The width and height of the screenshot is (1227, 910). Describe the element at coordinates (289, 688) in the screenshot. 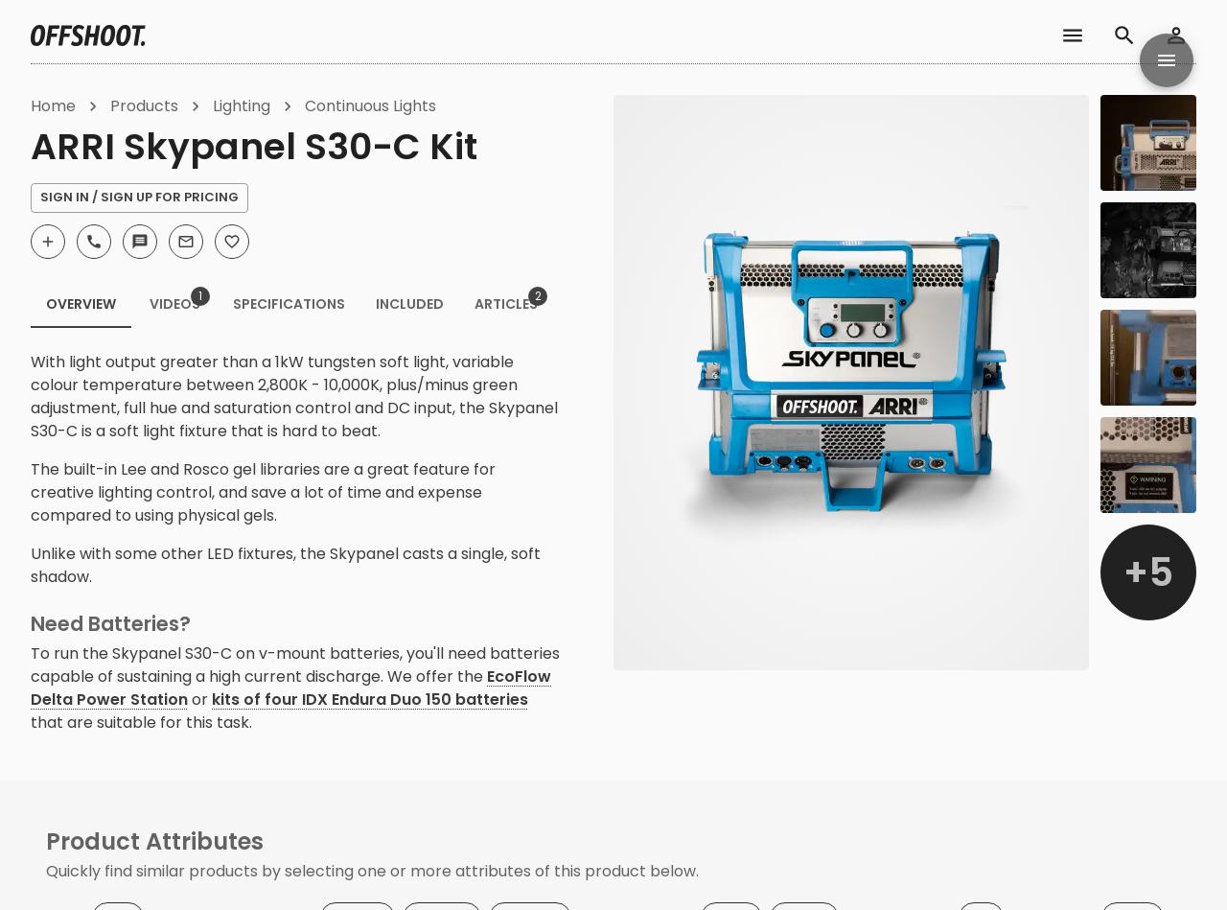

I see `'EcoFlow Delta Power Station'` at that location.